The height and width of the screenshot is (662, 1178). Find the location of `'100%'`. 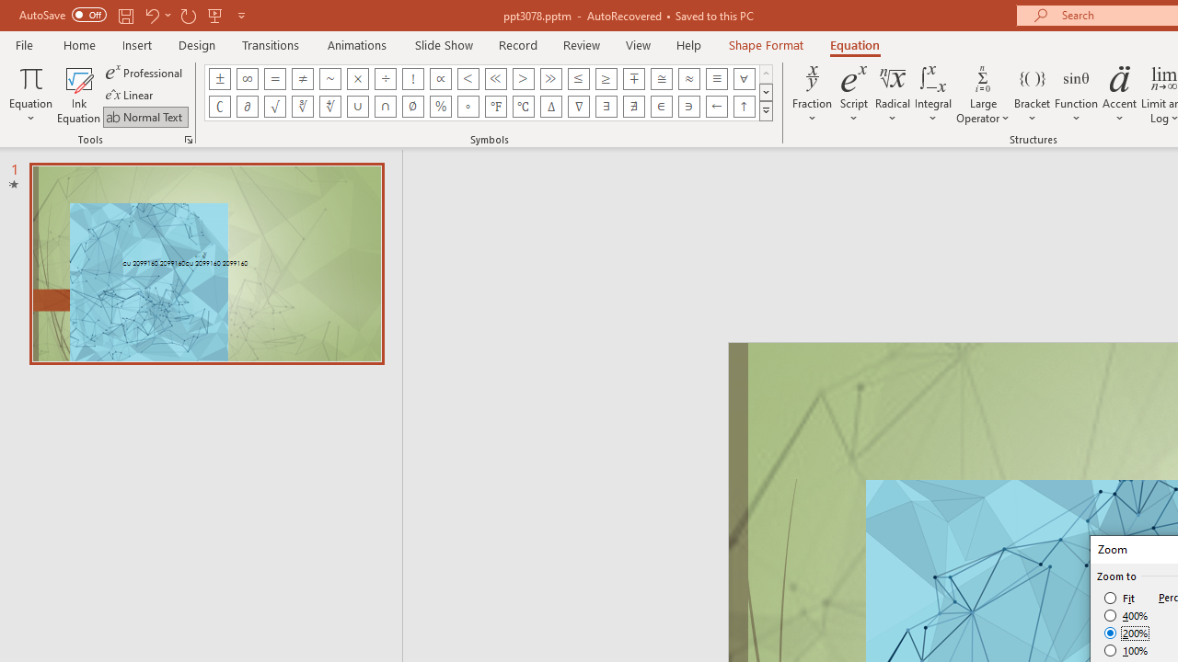

'100%' is located at coordinates (1126, 649).